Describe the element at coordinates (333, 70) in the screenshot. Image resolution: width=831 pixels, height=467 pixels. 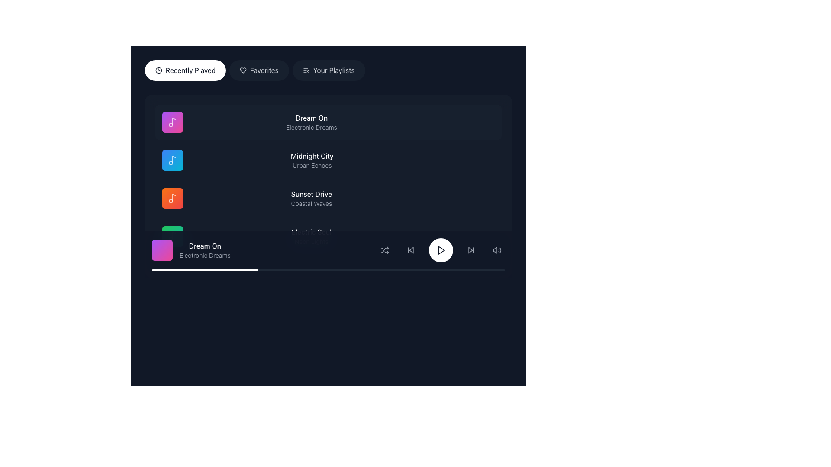
I see `the third navigation button labeled as a Text Label` at that location.